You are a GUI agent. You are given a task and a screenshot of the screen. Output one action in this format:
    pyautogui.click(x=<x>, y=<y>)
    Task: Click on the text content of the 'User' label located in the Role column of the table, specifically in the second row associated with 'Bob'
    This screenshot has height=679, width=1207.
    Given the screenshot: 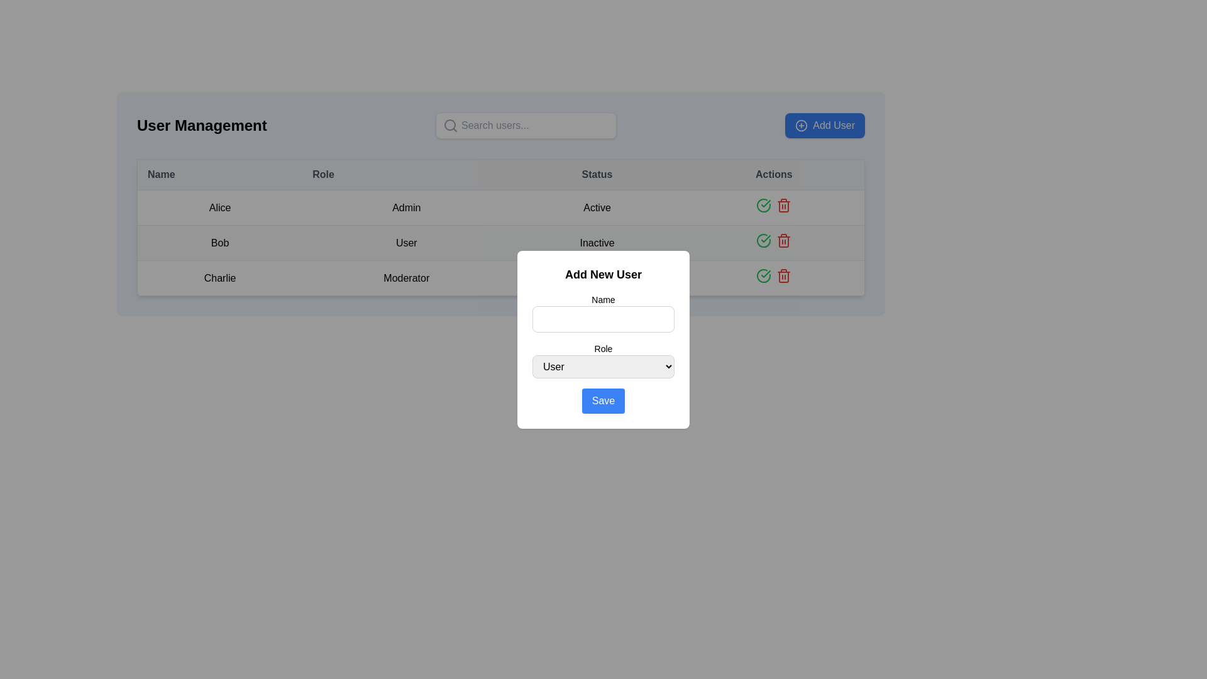 What is the action you would take?
    pyautogui.click(x=406, y=243)
    